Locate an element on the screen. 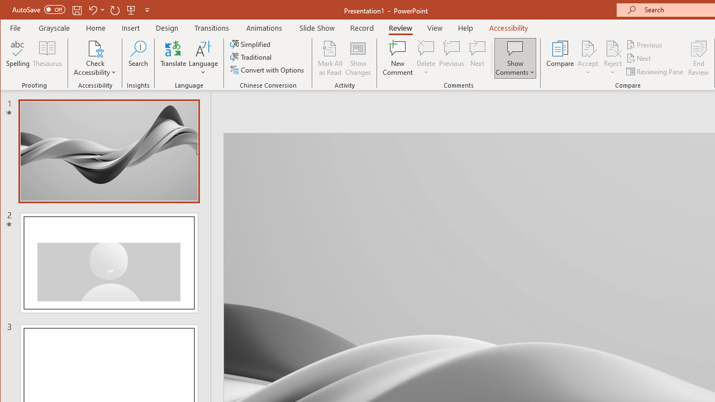 This screenshot has height=402, width=715. 'Search' is located at coordinates (137, 58).